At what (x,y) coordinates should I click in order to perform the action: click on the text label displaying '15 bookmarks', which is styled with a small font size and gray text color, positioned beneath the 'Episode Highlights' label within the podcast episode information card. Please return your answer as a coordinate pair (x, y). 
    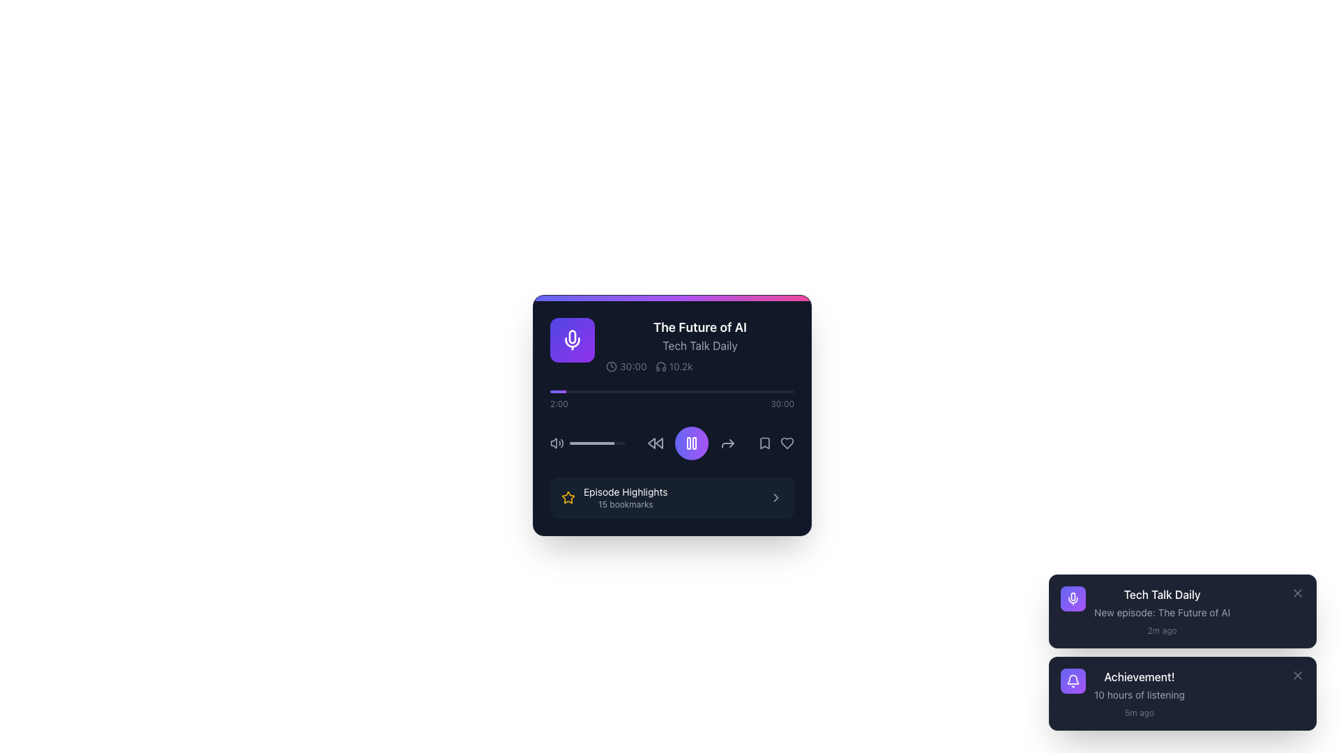
    Looking at the image, I should click on (625, 505).